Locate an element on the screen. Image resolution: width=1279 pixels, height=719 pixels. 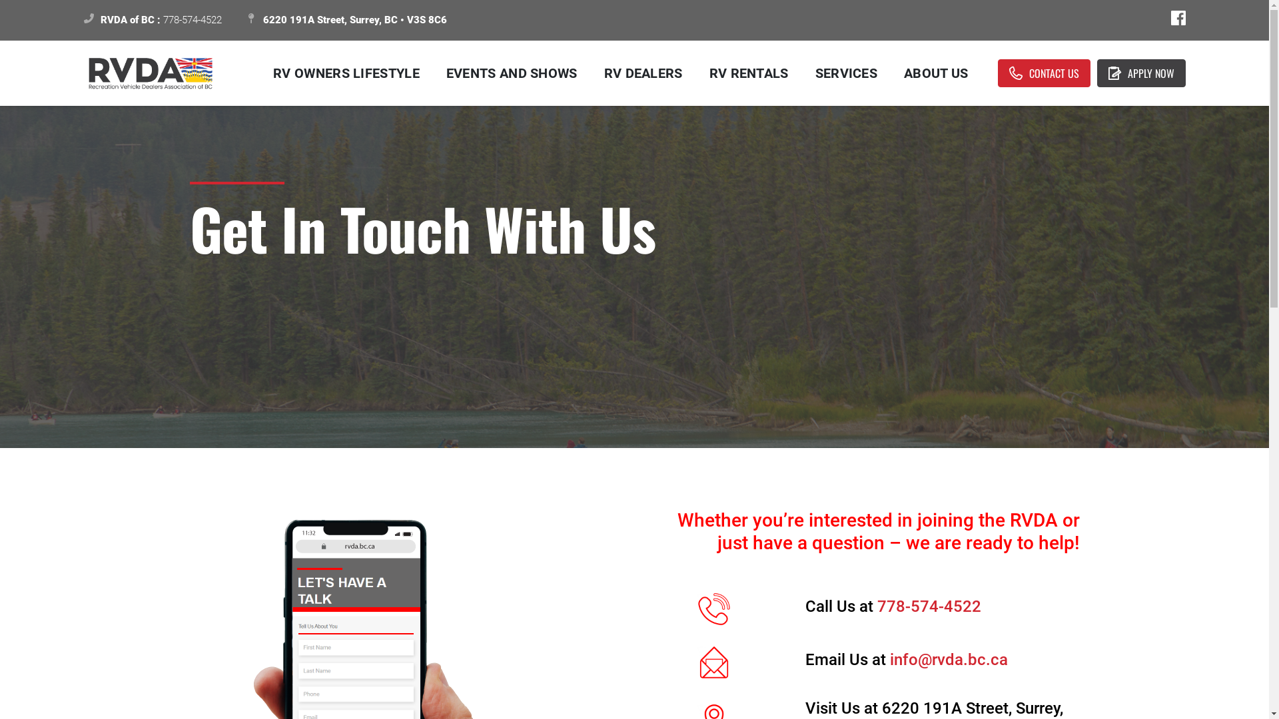
'RV RENTALS' is located at coordinates (749, 73).